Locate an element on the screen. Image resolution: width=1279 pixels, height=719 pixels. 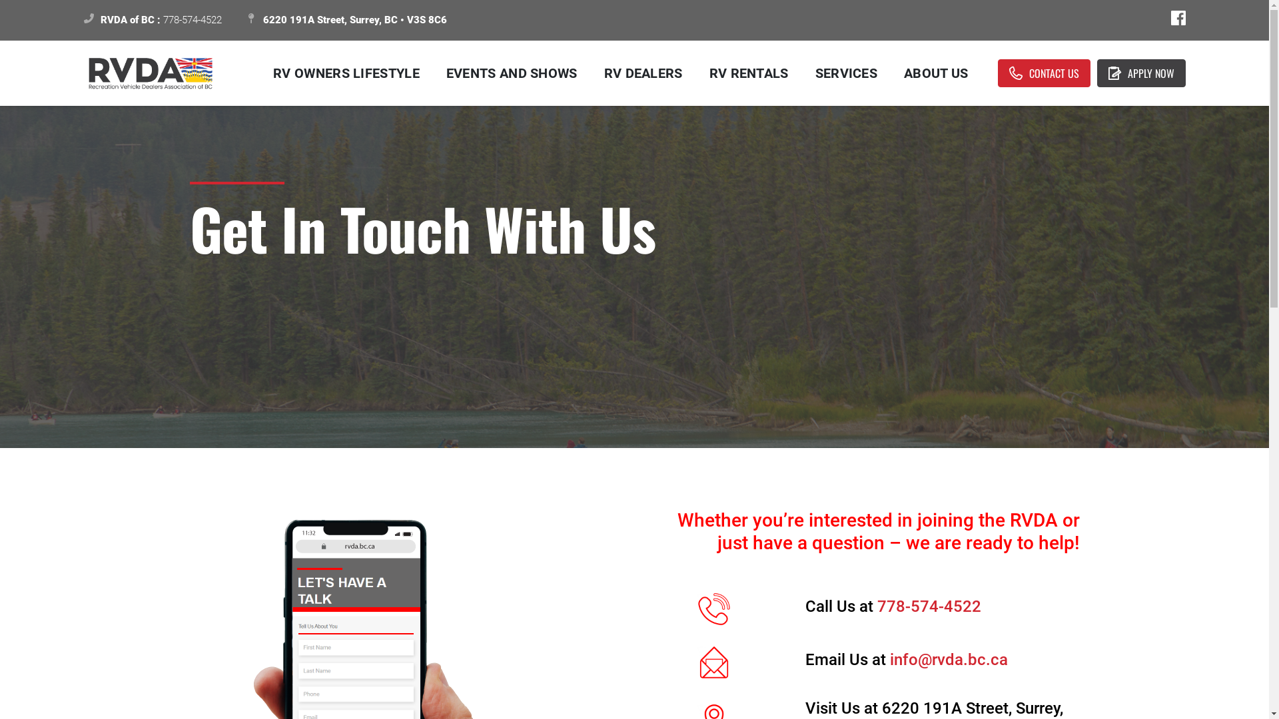
'RV RENTALS' is located at coordinates (749, 73).